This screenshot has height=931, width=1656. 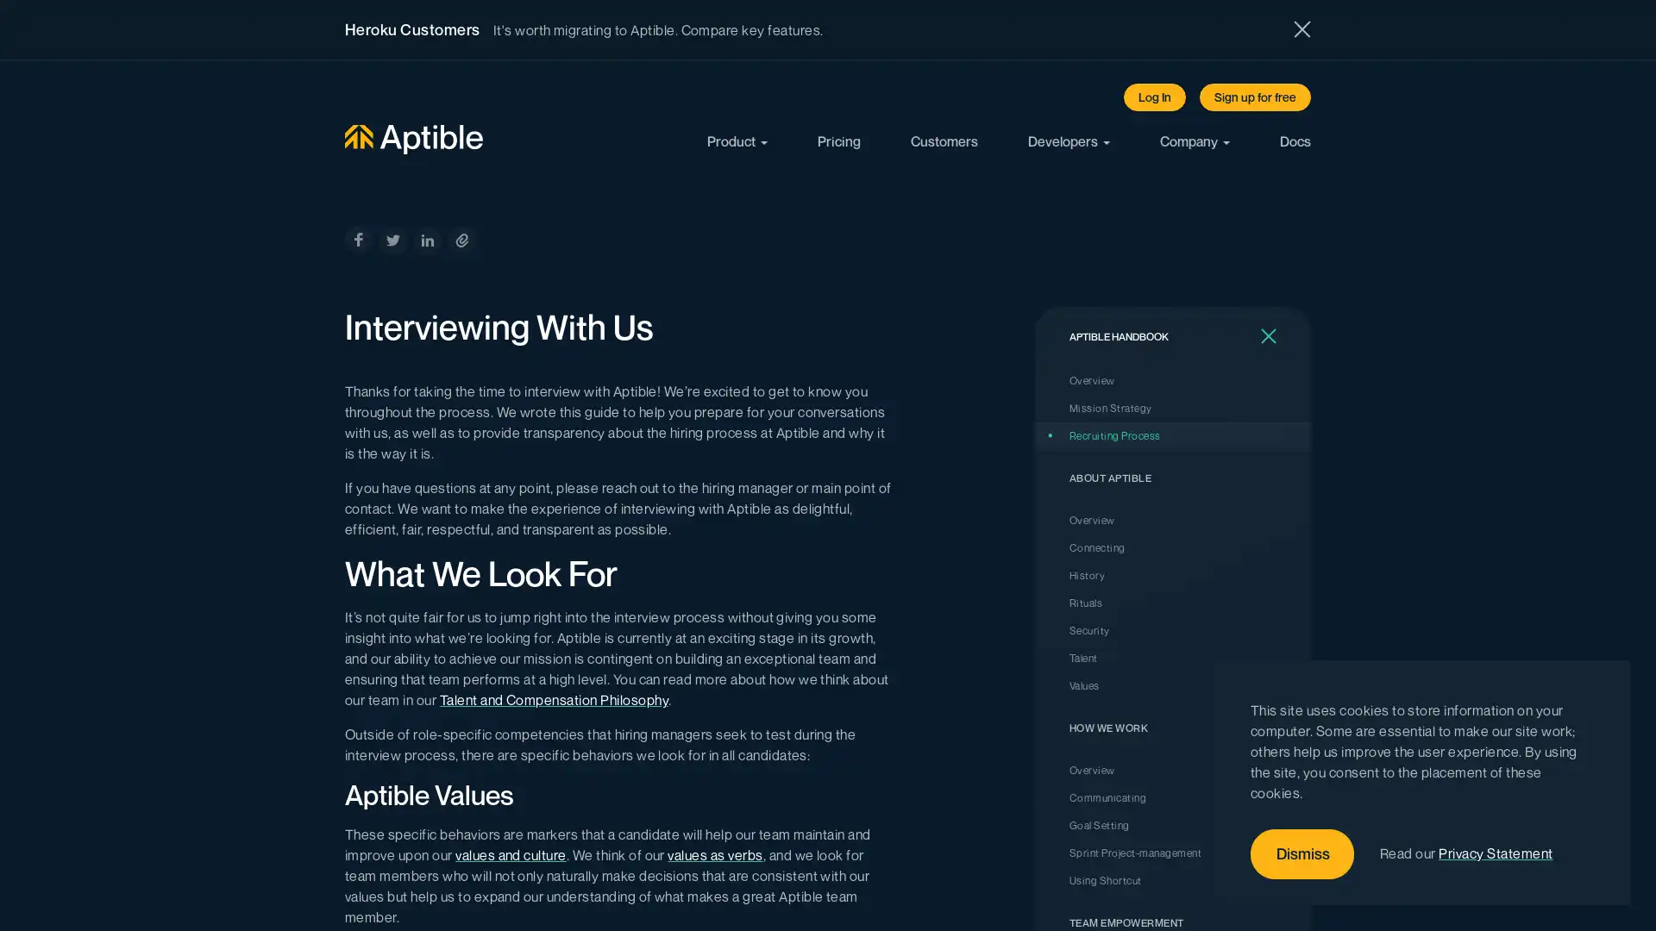 I want to click on Sign up for free, so click(x=1255, y=97).